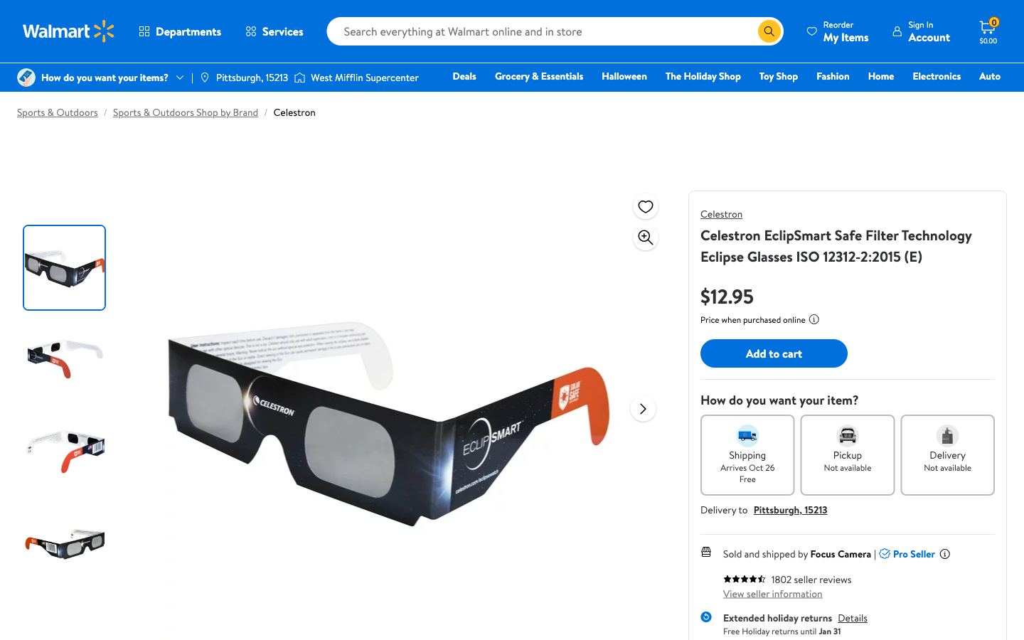  Describe the element at coordinates (643, 408) in the screenshot. I see `Browse through various images of the product` at that location.